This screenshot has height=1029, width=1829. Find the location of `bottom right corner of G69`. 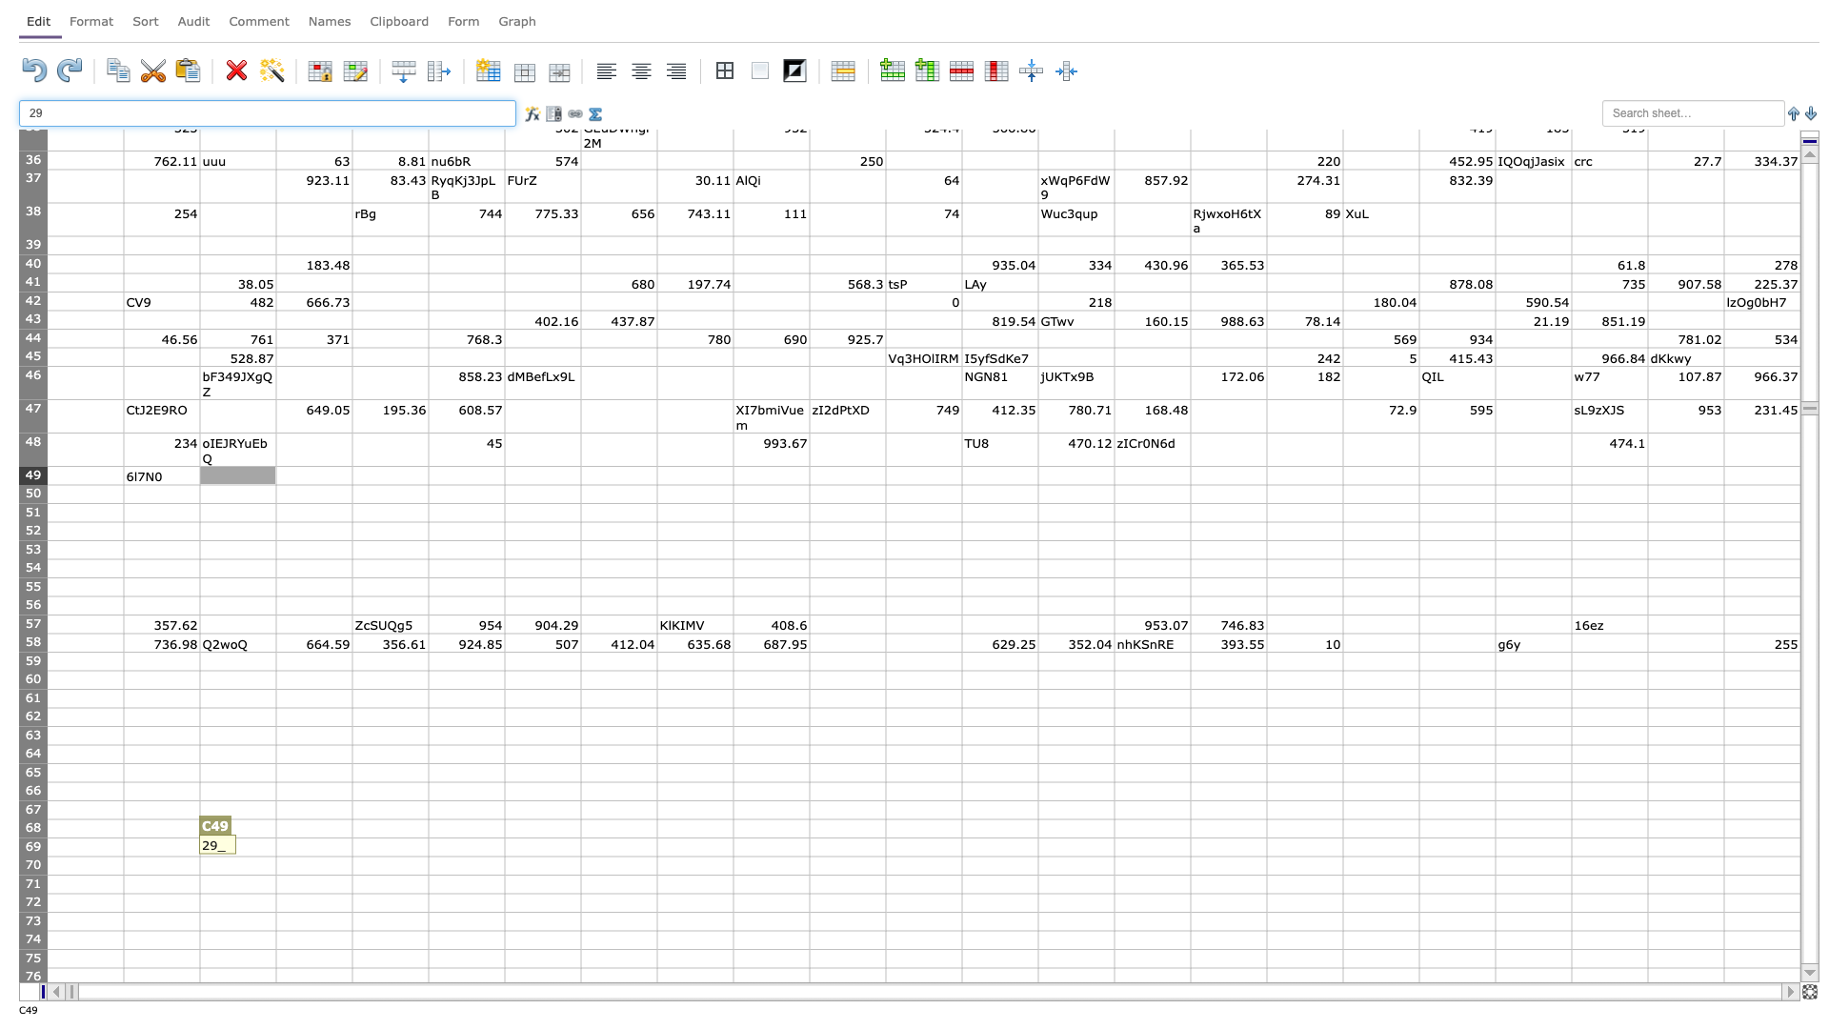

bottom right corner of G69 is located at coordinates (579, 855).